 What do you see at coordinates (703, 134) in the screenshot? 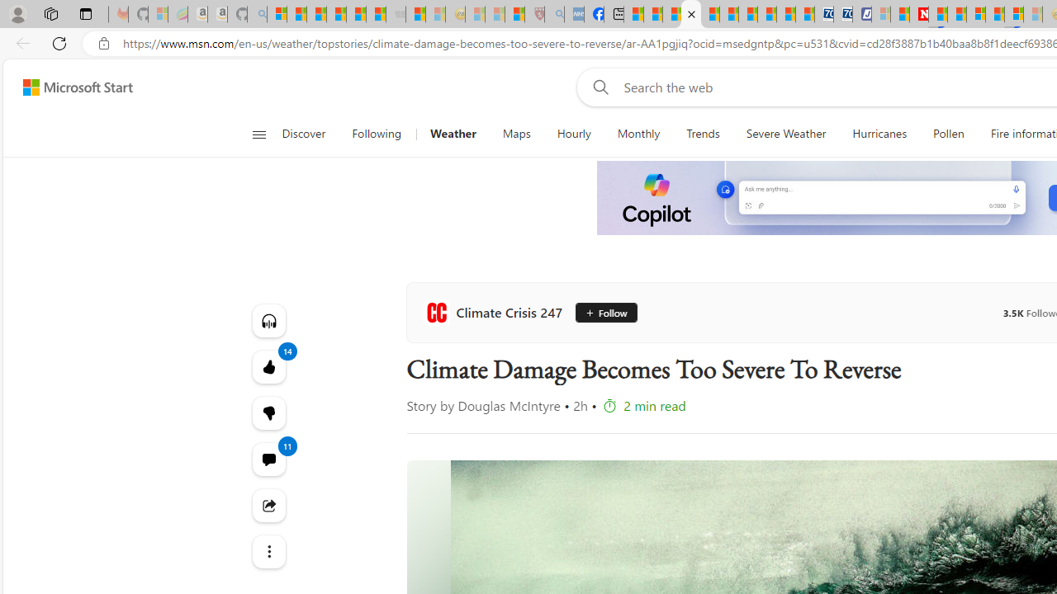
I see `'Trends'` at bounding box center [703, 134].